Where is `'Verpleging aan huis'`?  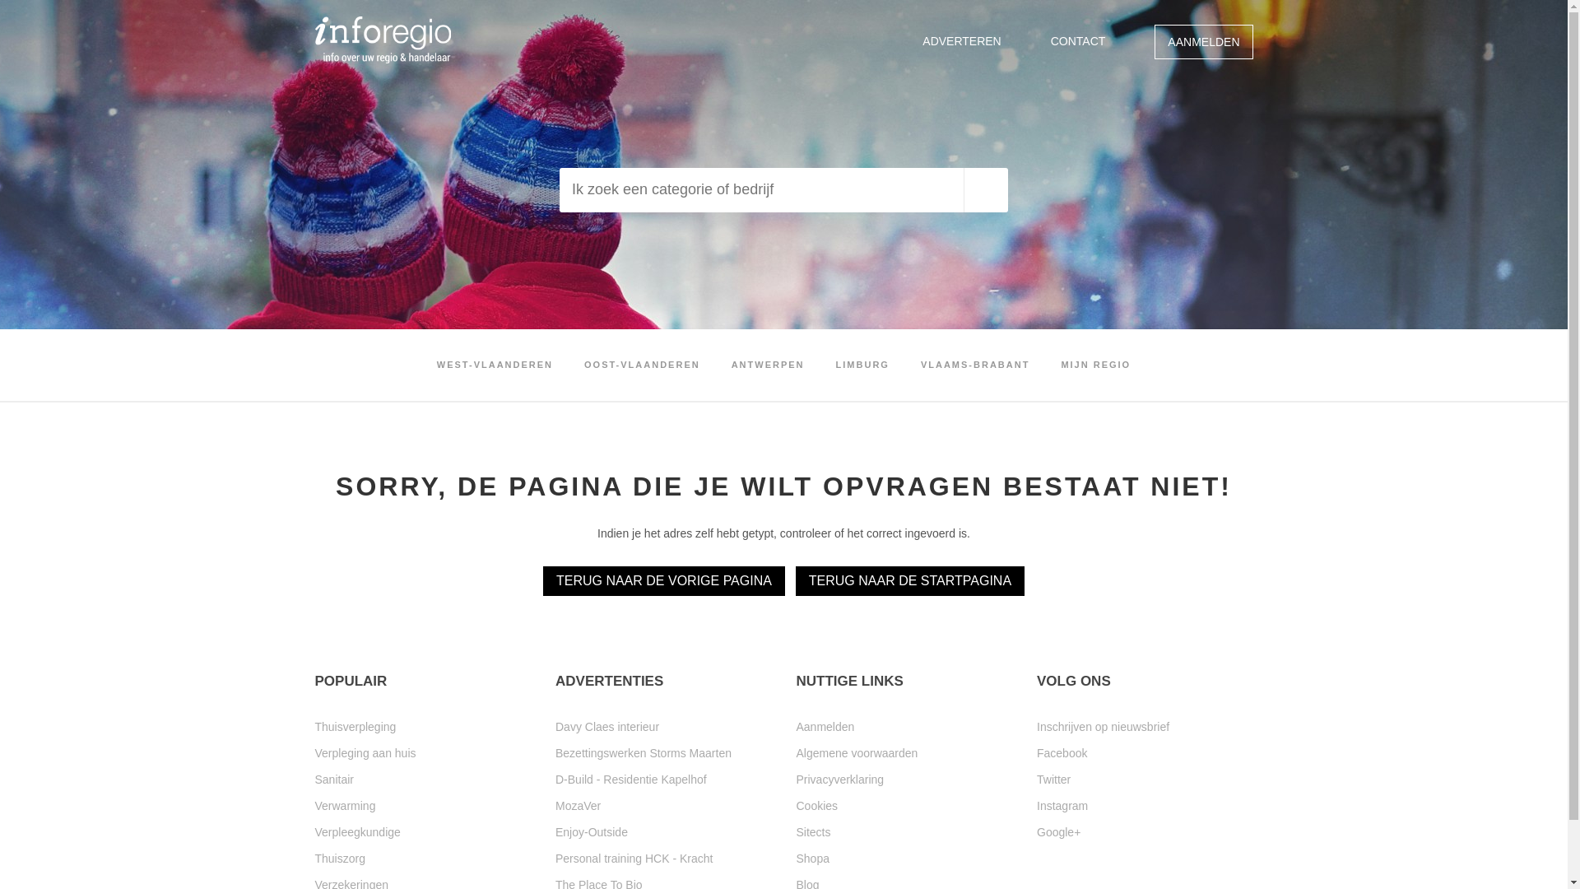
'Verpleging aan huis' is located at coordinates (422, 752).